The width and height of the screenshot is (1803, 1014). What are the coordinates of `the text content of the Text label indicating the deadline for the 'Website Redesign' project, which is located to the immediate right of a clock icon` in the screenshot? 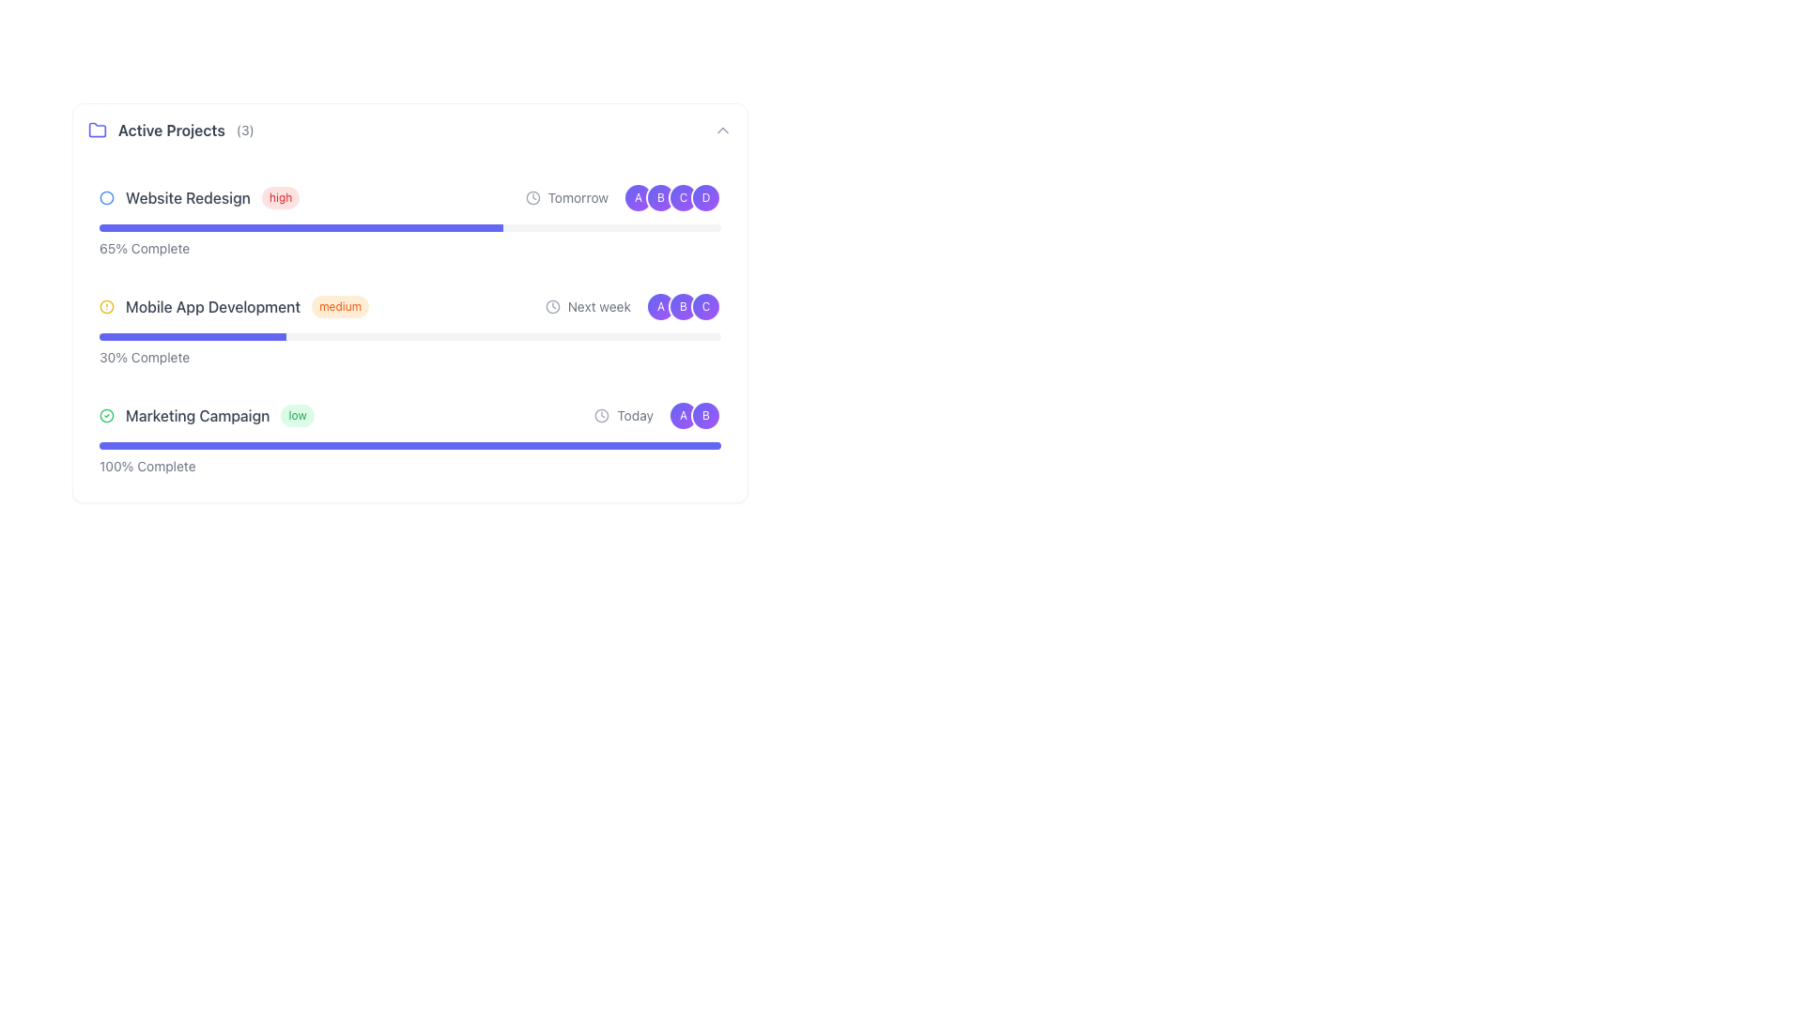 It's located at (577, 198).